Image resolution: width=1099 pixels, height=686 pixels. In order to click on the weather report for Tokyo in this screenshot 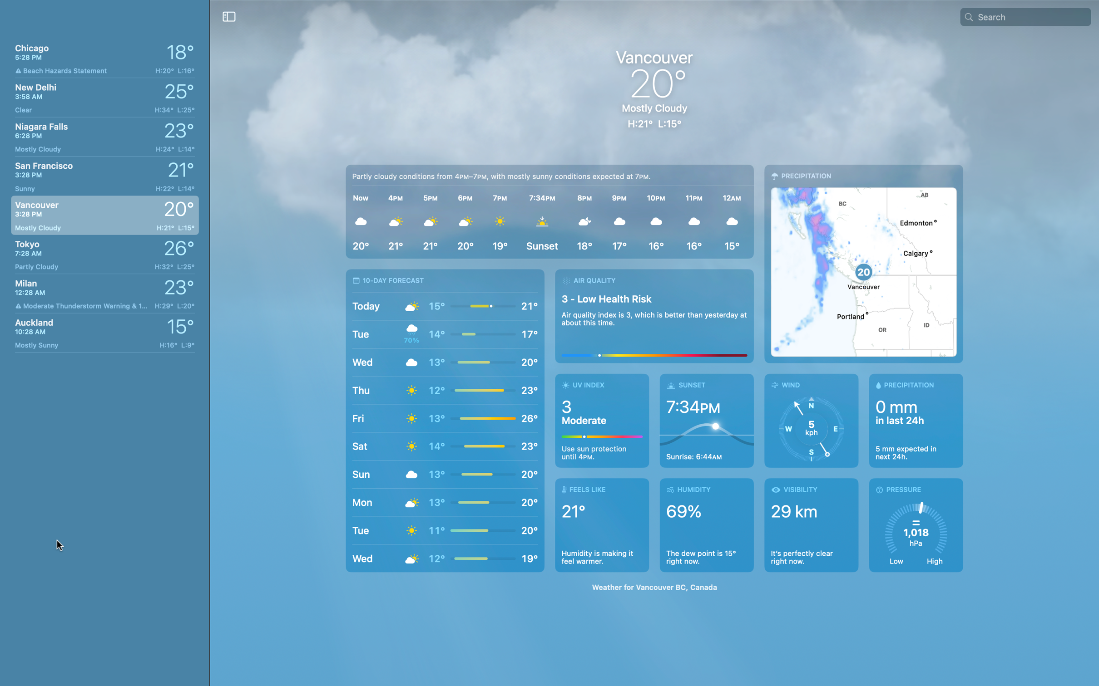, I will do `click(102, 254)`.